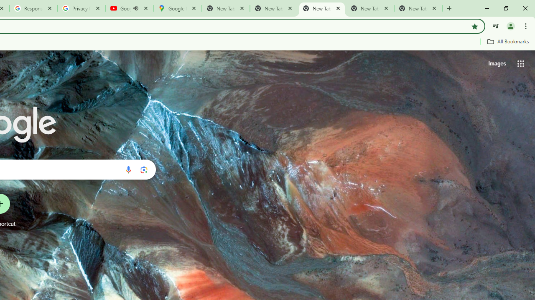  What do you see at coordinates (136, 8) in the screenshot?
I see `'Mute tab'` at bounding box center [136, 8].